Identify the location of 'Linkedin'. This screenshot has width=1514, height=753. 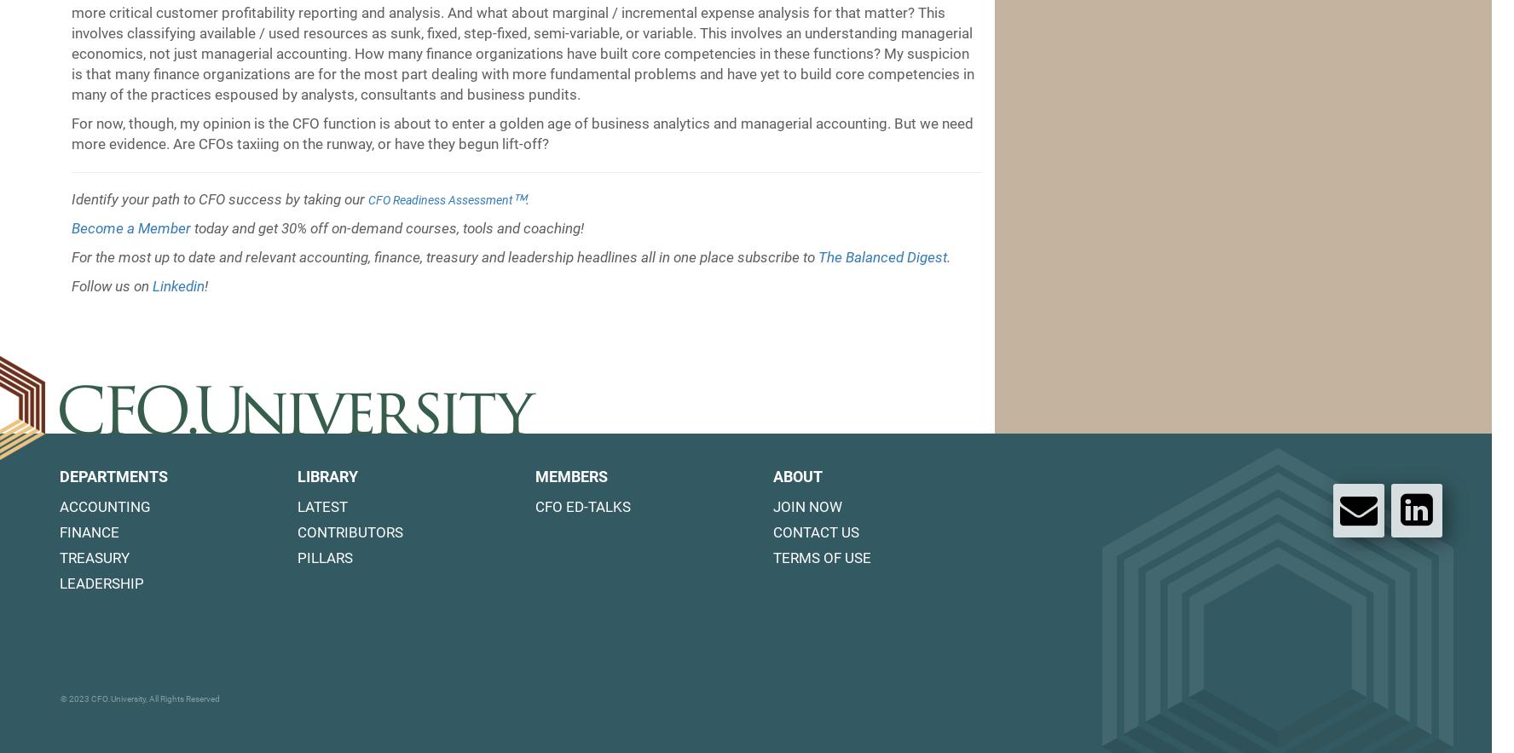
(177, 285).